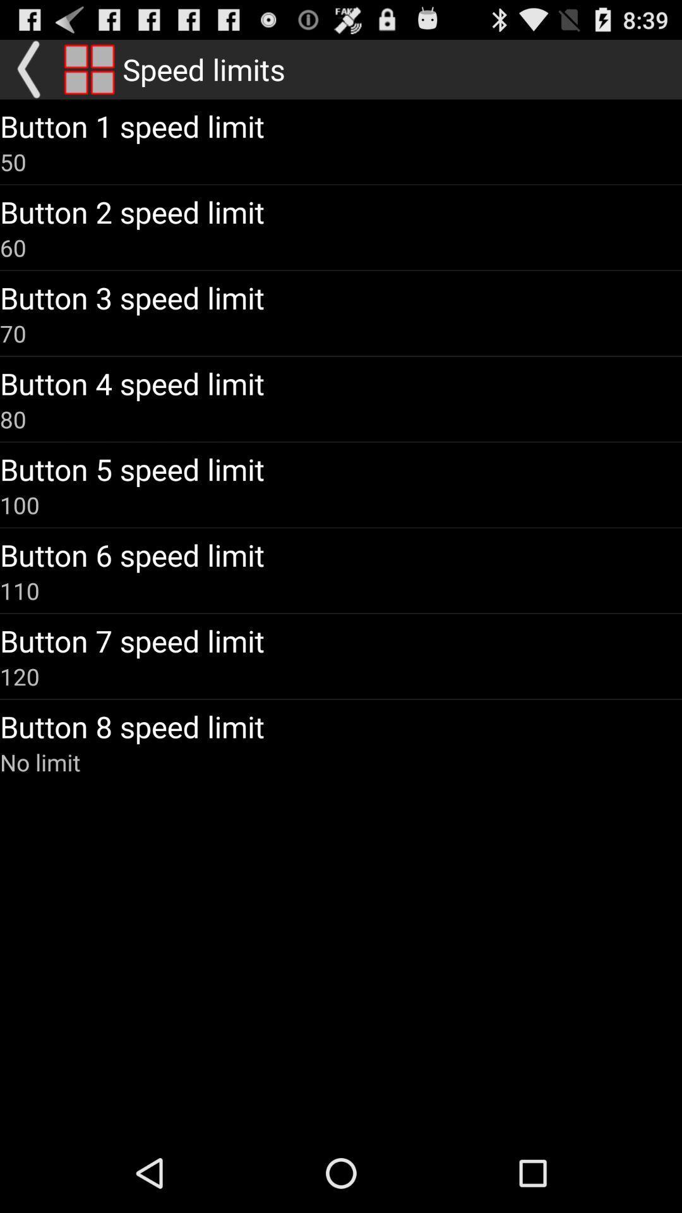  Describe the element at coordinates (13, 161) in the screenshot. I see `50 item` at that location.